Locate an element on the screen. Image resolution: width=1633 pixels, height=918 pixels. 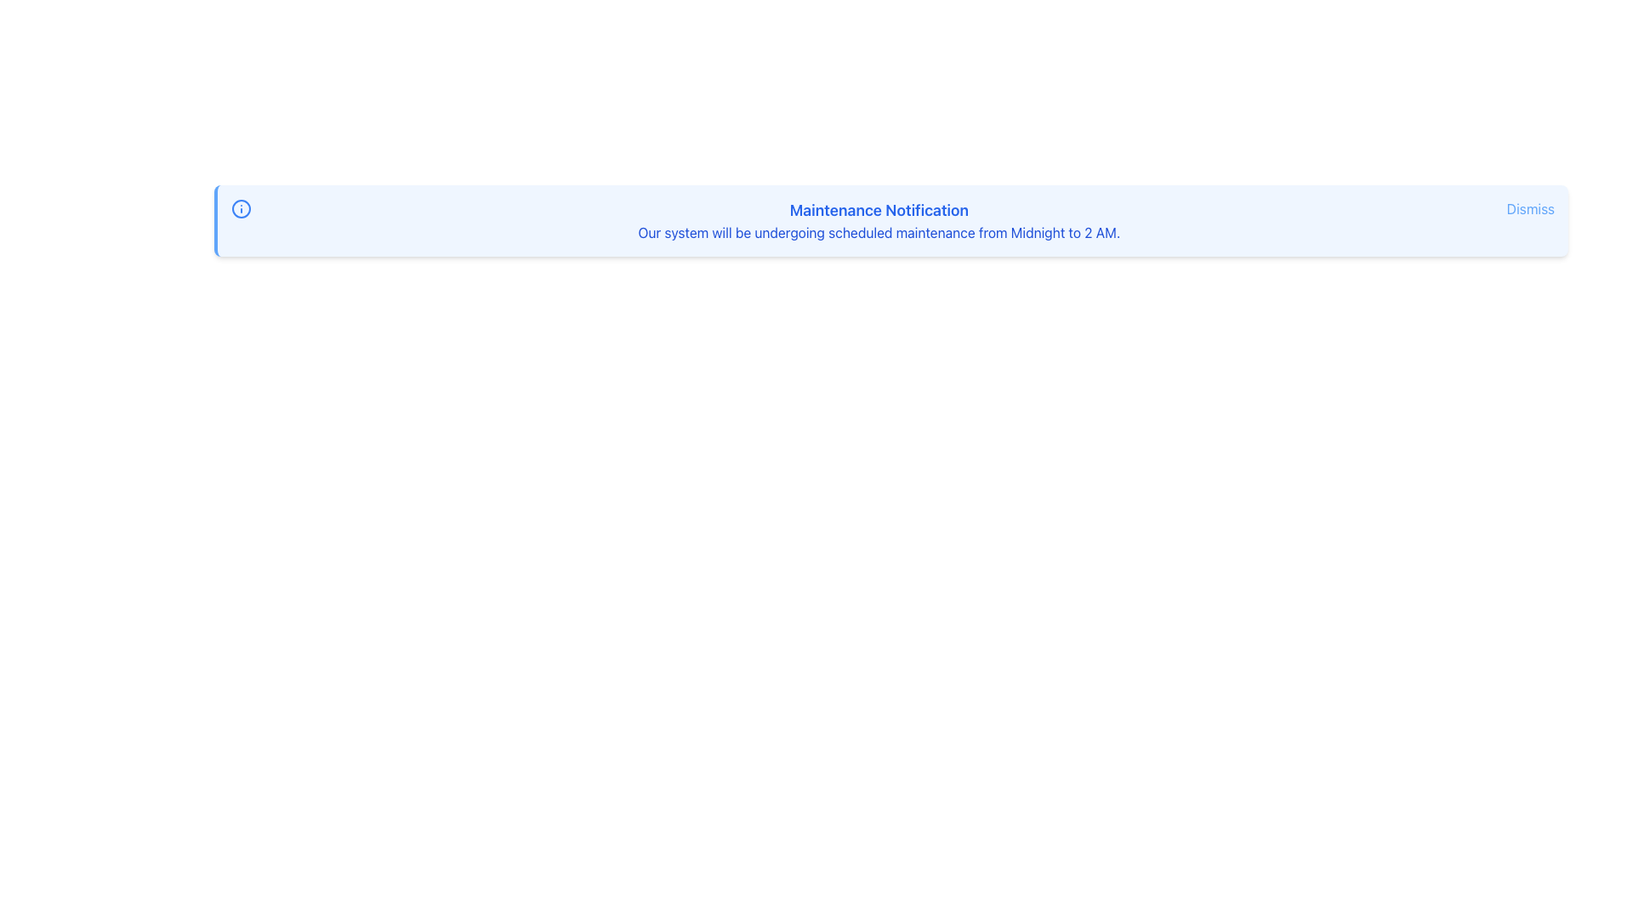
the dismissal link located at the far right end of the horizontal notification bar is located at coordinates (1530, 208).